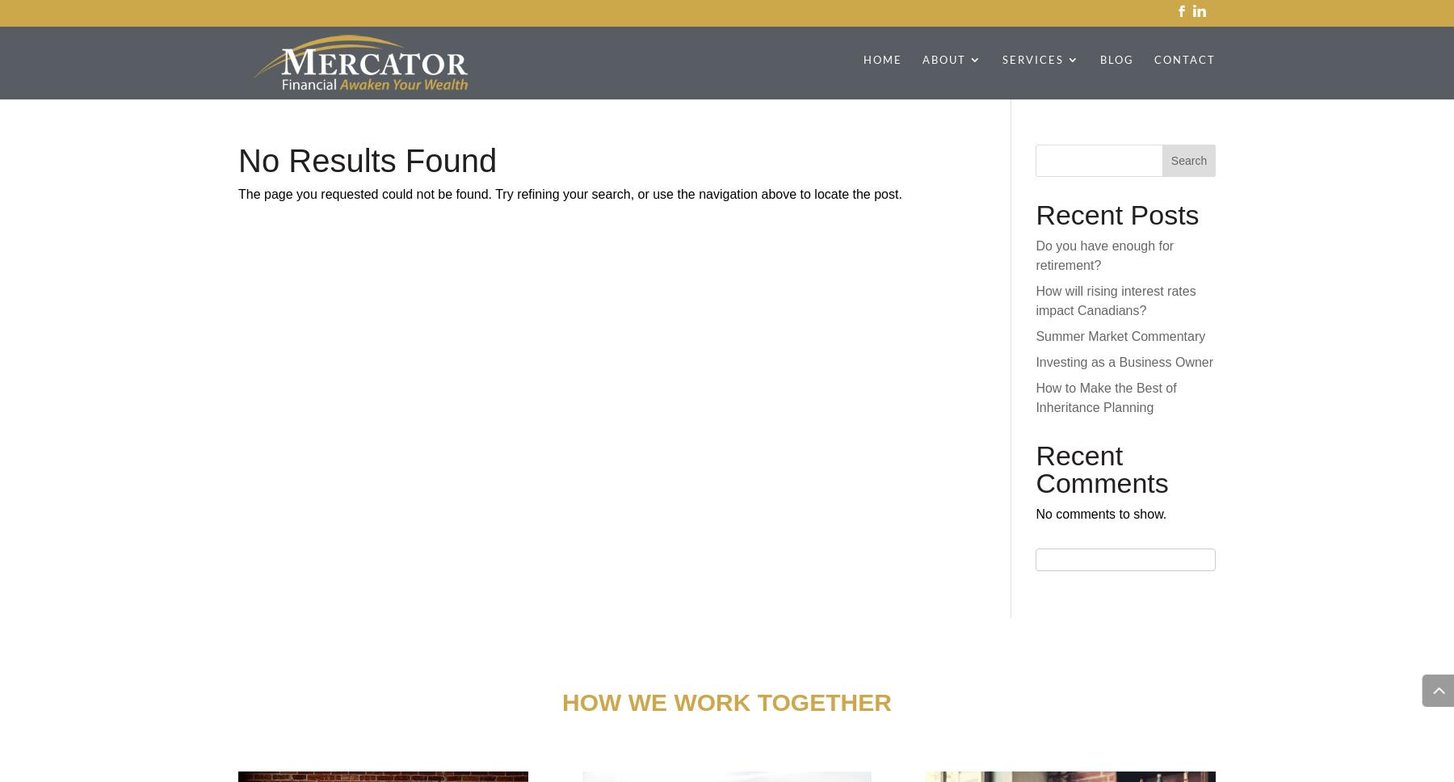  I want to click on 'Wendy Zanidean', so click(1005, 585).